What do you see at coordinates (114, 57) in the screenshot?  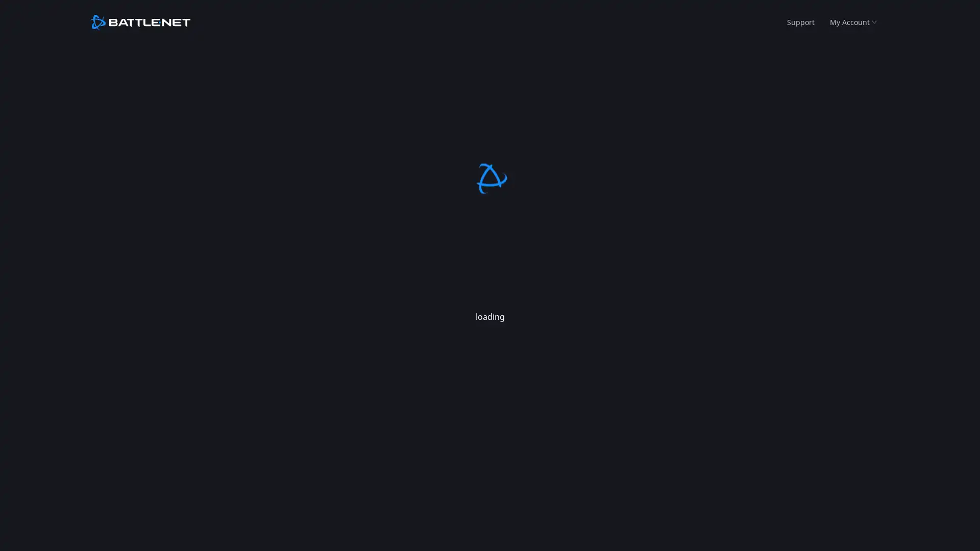 I see `Browse` at bounding box center [114, 57].